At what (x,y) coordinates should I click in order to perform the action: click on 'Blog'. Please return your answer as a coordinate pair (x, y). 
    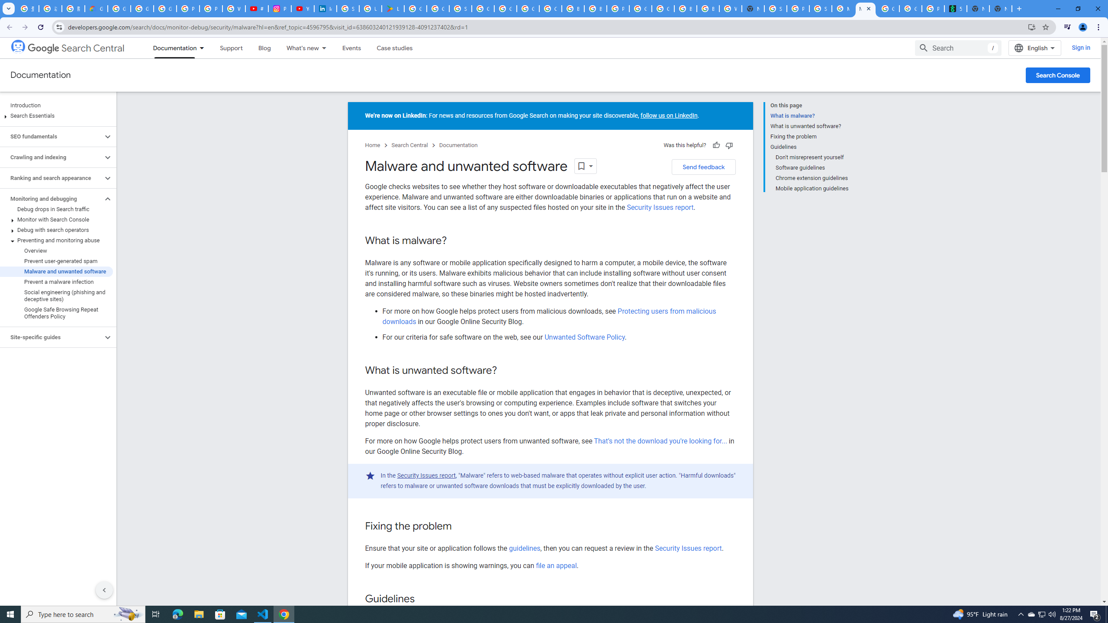
    Looking at the image, I should click on (264, 48).